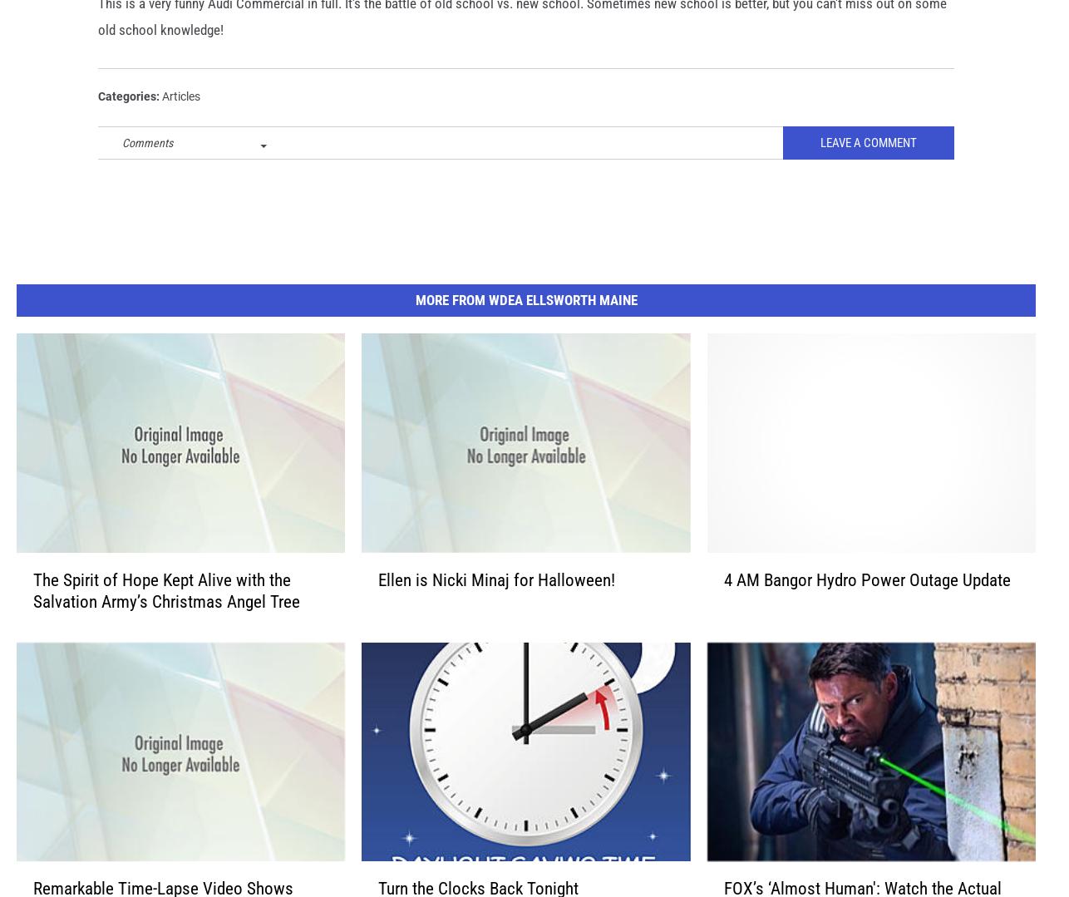  Describe the element at coordinates (180, 122) in the screenshot. I see `'Articles'` at that location.